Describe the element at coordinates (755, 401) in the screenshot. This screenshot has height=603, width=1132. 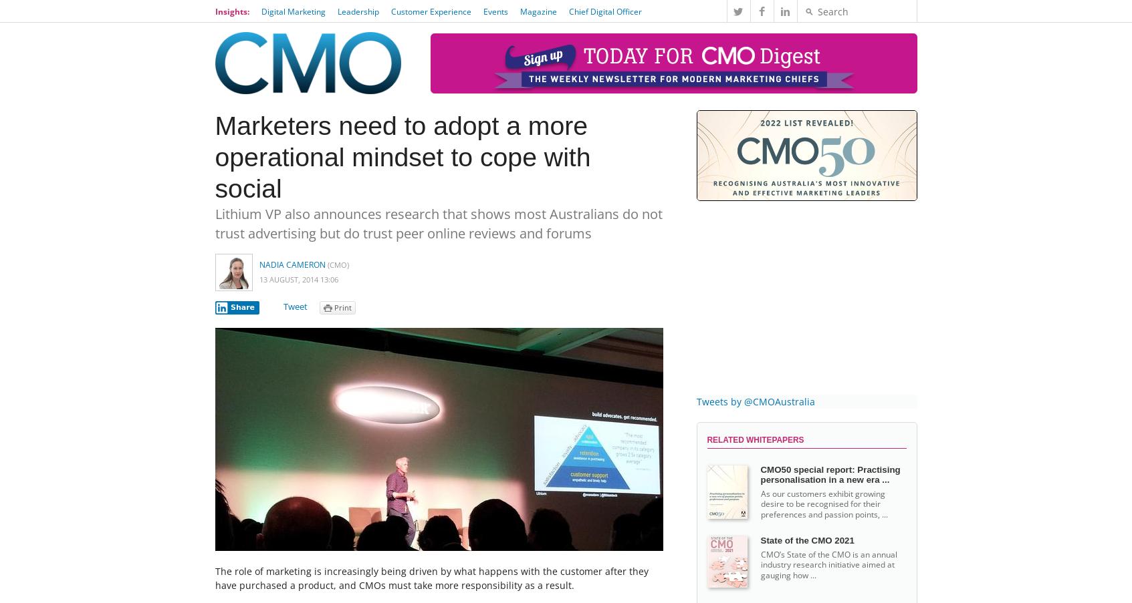
I see `'Tweets by @CMOAustralia'` at that location.